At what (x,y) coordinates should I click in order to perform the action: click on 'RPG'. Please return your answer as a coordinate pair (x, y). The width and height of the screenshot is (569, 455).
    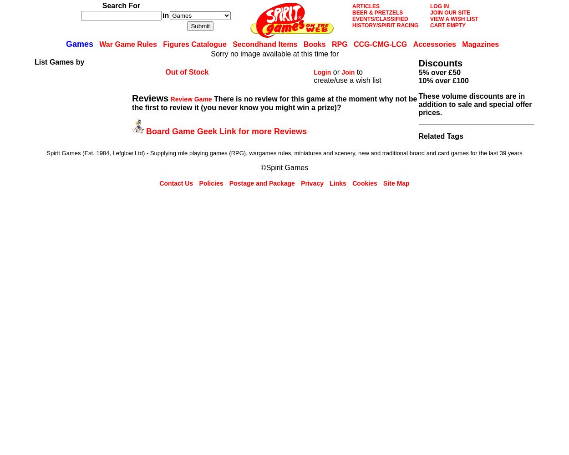
    Looking at the image, I should click on (331, 44).